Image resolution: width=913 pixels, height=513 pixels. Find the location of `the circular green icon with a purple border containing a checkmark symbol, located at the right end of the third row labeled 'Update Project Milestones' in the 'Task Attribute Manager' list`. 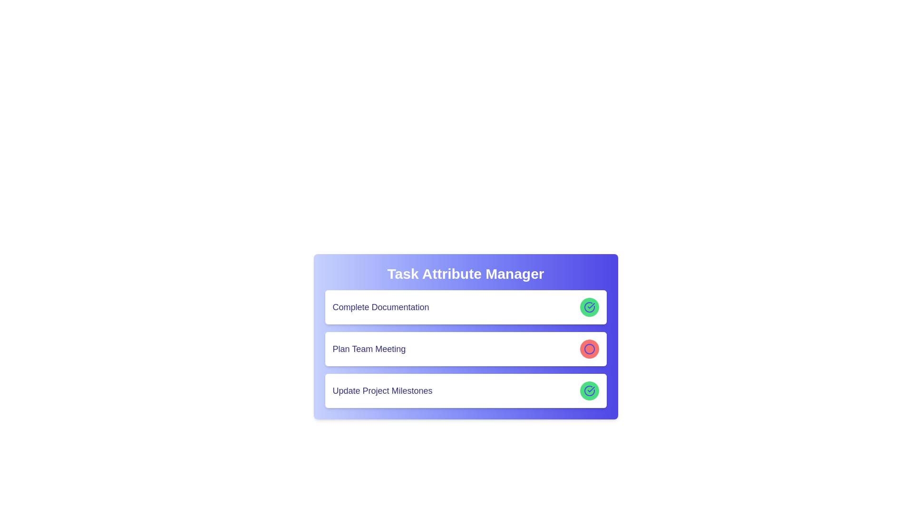

the circular green icon with a purple border containing a checkmark symbol, located at the right end of the third row labeled 'Update Project Milestones' in the 'Task Attribute Manager' list is located at coordinates (589, 390).